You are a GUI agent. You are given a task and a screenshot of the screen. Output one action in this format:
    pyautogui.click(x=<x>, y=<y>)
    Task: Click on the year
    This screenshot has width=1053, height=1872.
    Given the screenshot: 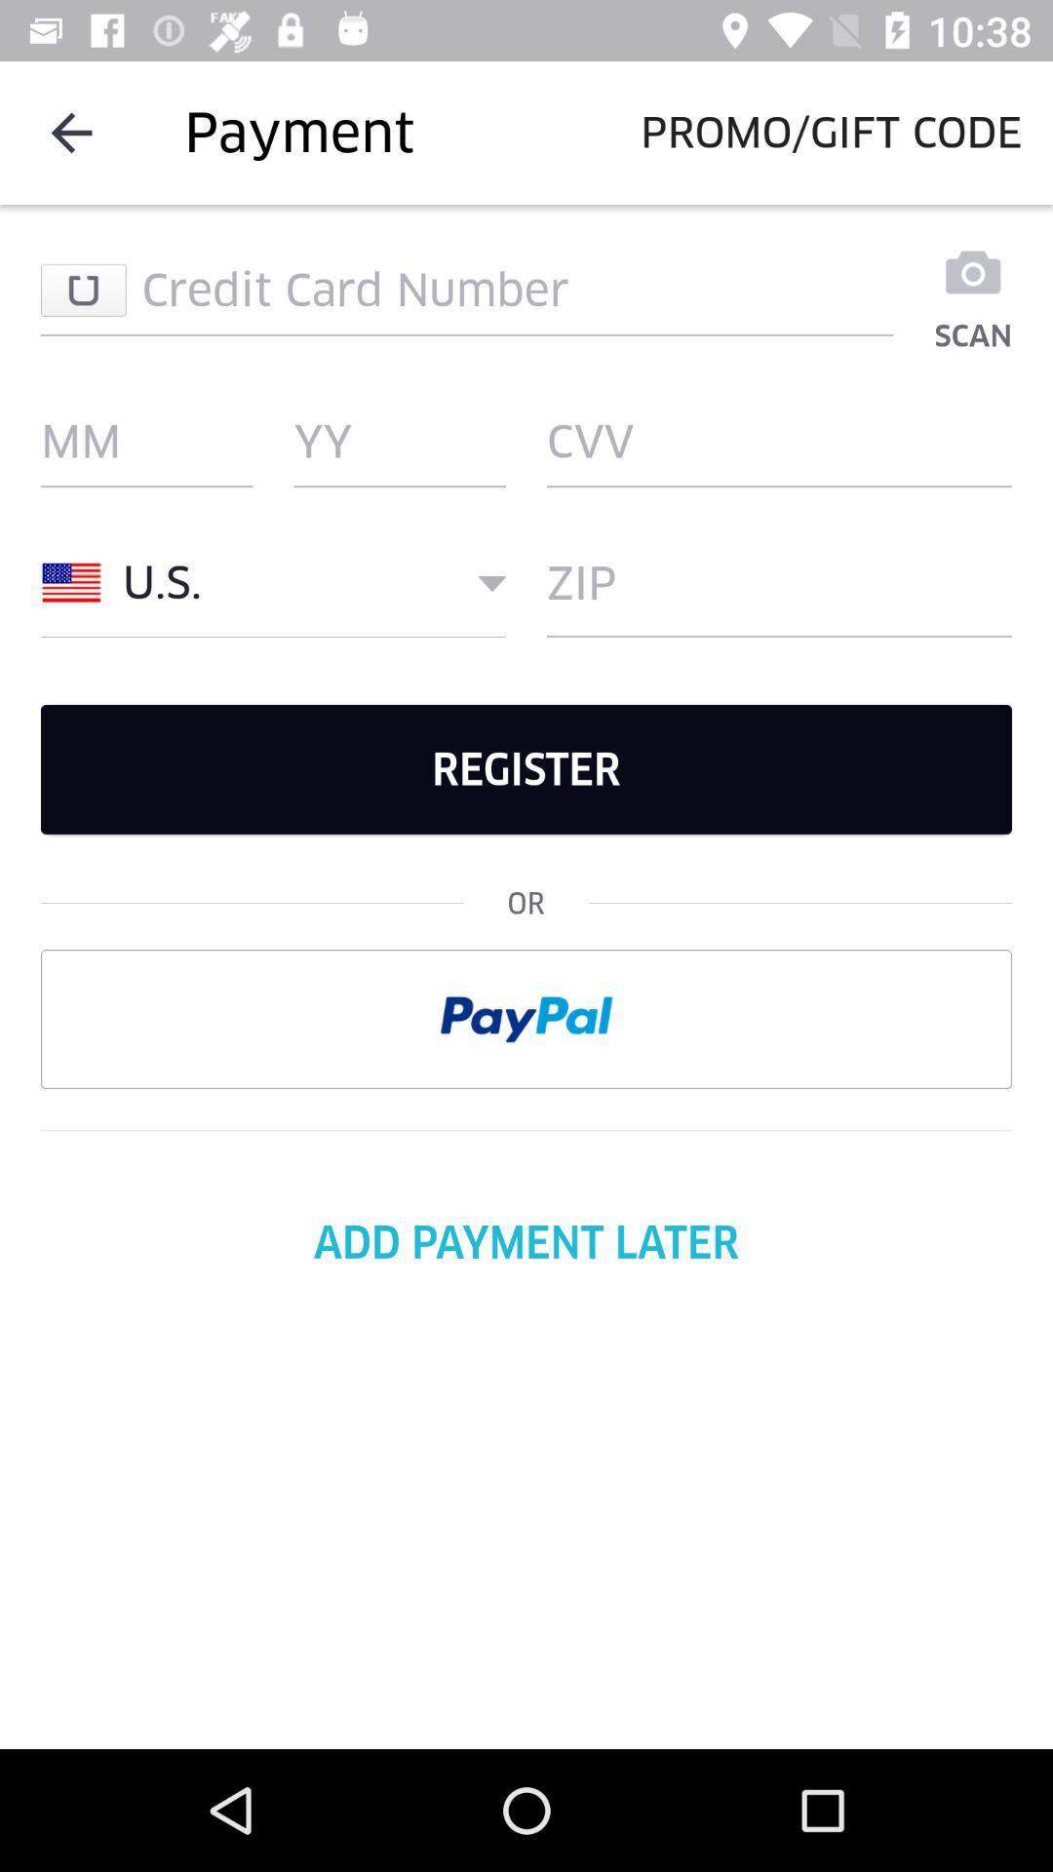 What is the action you would take?
    pyautogui.click(x=399, y=440)
    